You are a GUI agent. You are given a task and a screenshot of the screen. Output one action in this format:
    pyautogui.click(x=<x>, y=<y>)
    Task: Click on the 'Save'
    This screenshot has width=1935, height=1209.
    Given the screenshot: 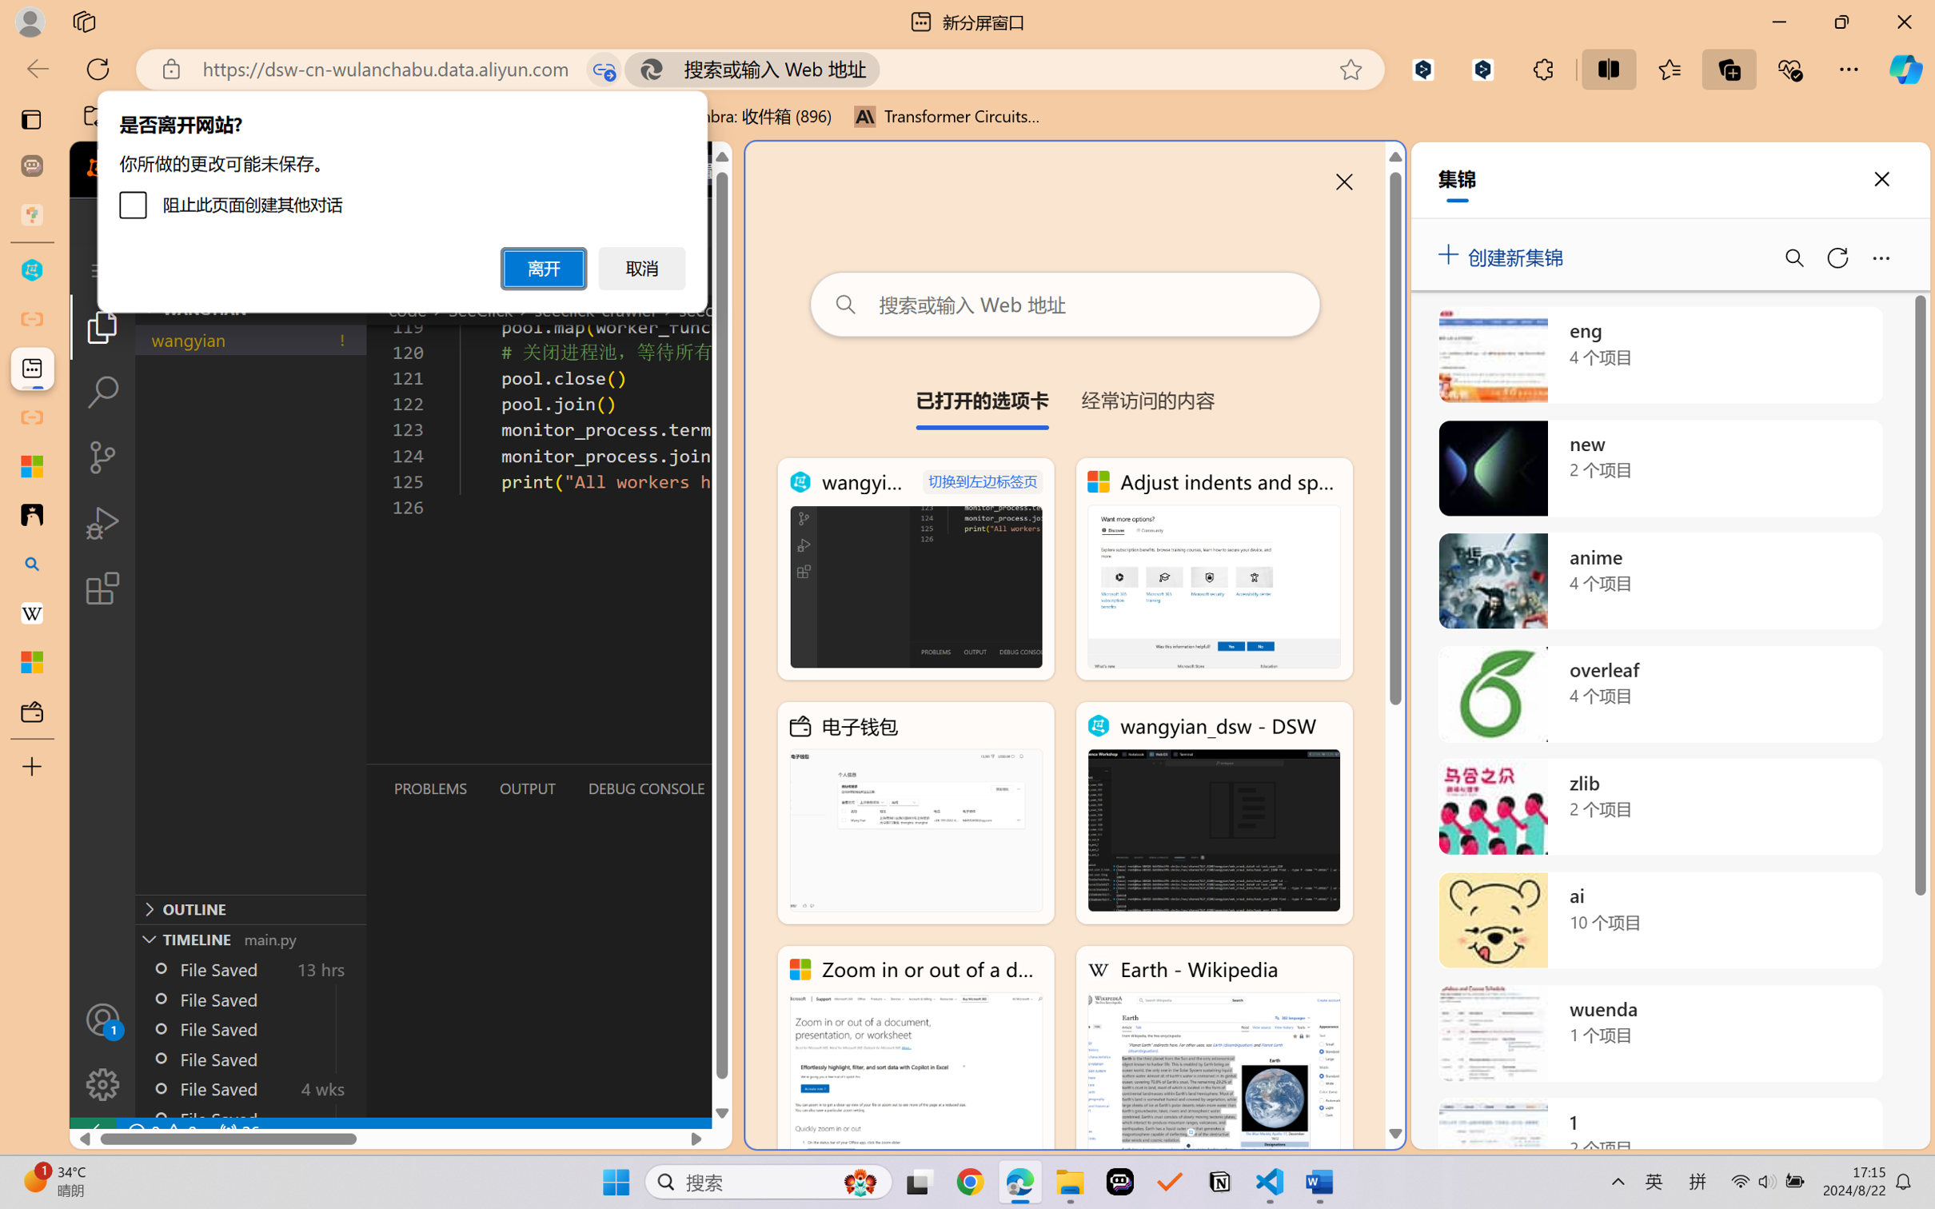 What is the action you would take?
    pyautogui.click(x=102, y=13)
    